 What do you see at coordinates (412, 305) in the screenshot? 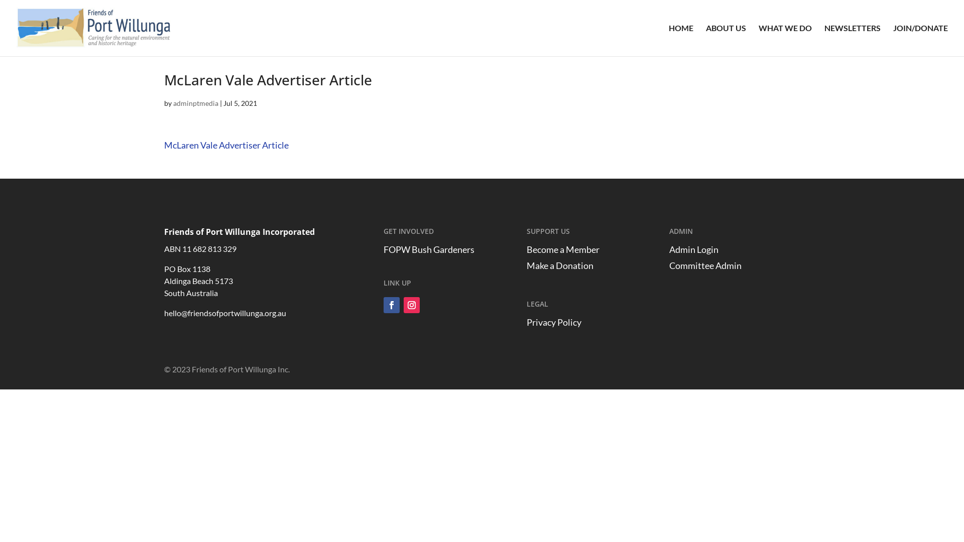
I see `'Follow on Instagram'` at bounding box center [412, 305].